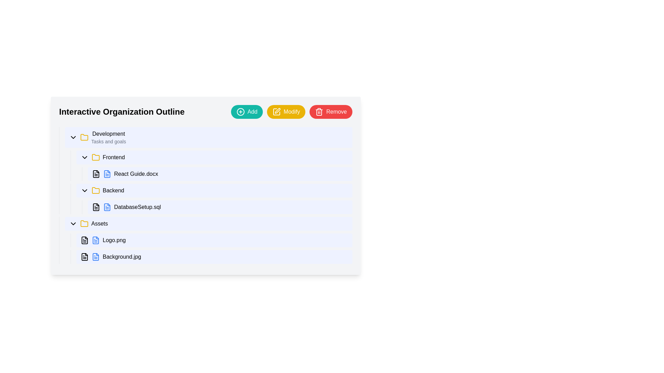  Describe the element at coordinates (84, 190) in the screenshot. I see `the downward-pointing chevron icon, which is an SVG graphic located to the left of the 'Backend' label in the 'Development' section` at that location.